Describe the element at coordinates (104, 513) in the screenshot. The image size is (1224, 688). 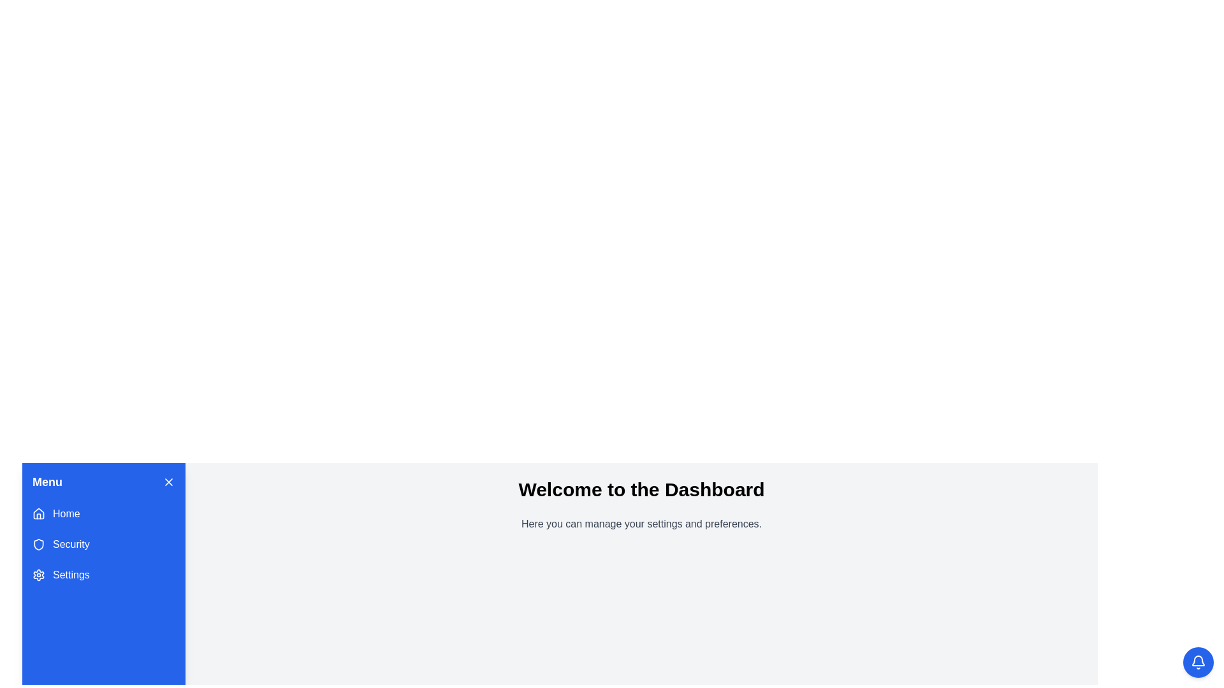
I see `the blue 'Home' button located in the left sidebar of the interface` at that location.